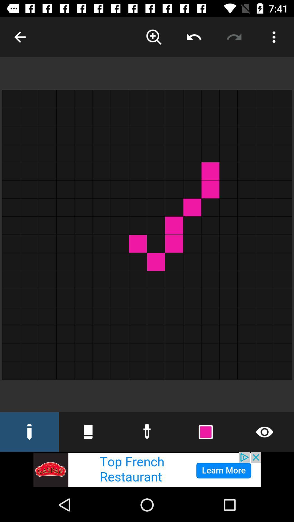 The width and height of the screenshot is (294, 522). What do you see at coordinates (147, 470) in the screenshot?
I see `advertisement page` at bounding box center [147, 470].